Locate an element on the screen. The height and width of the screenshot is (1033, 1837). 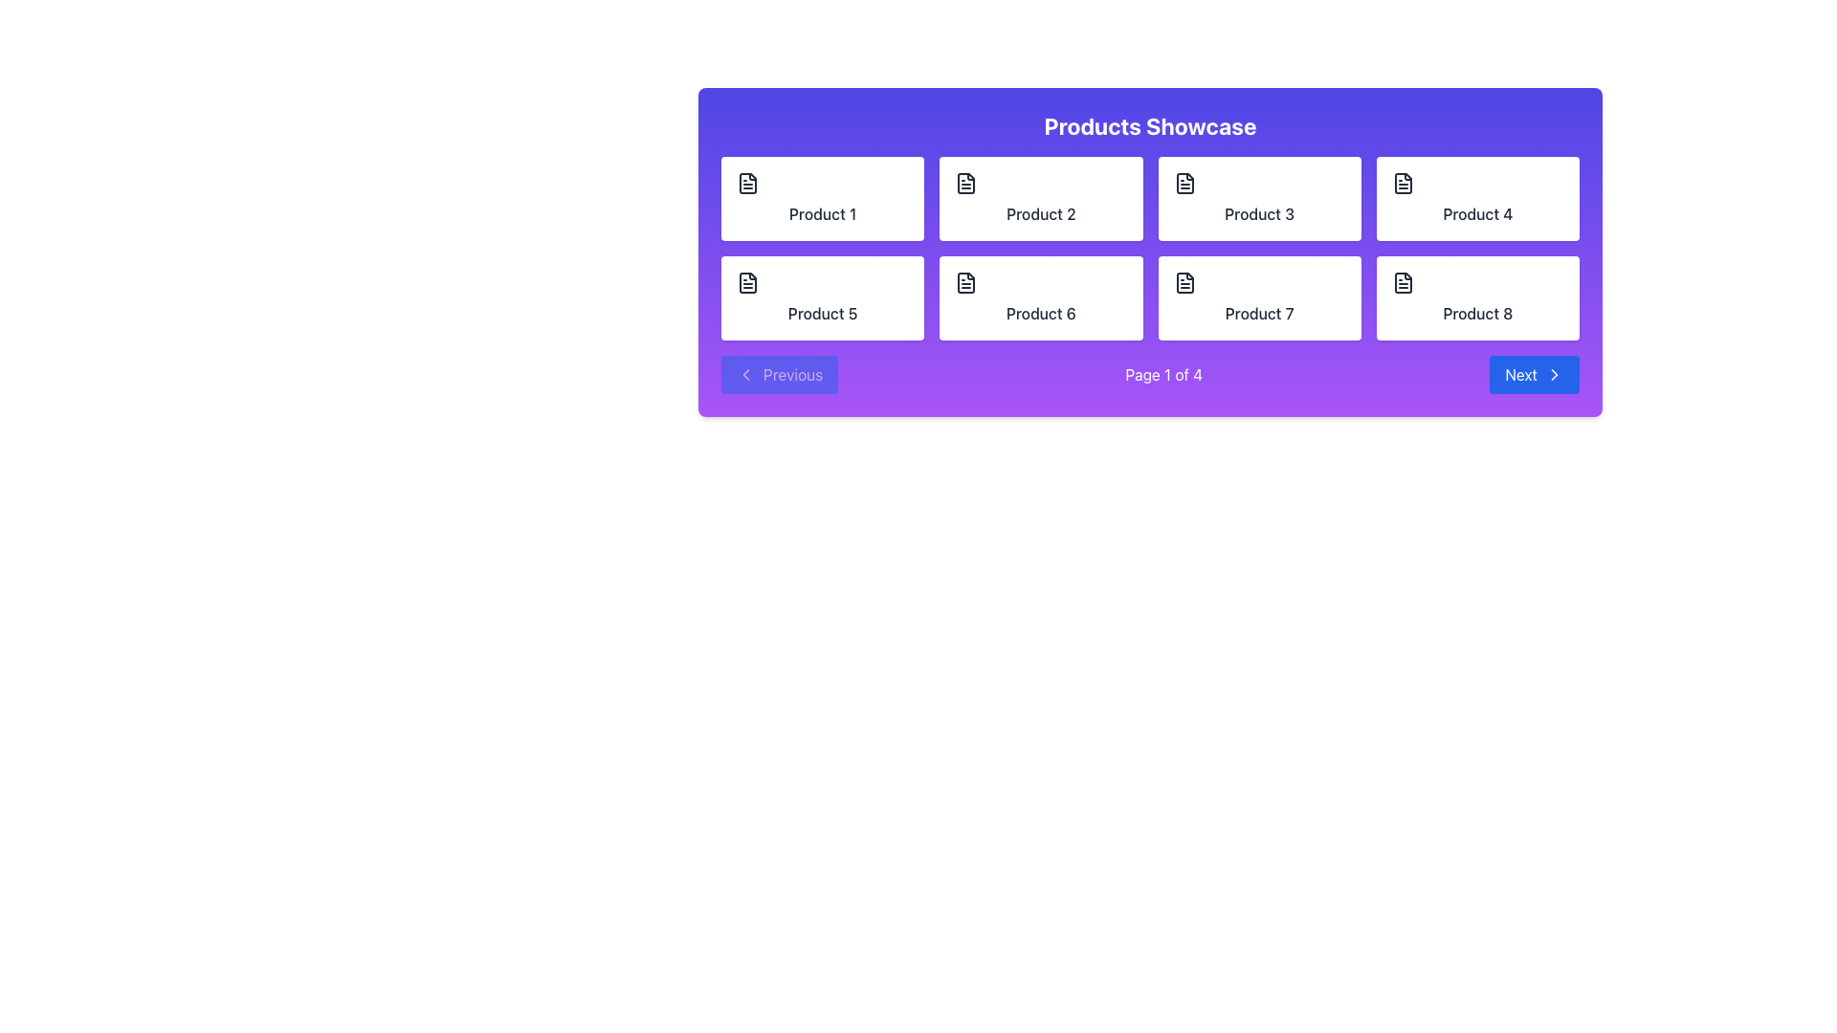
the product name text label located in the first card of the first row of the grid layout is located at coordinates (823, 213).